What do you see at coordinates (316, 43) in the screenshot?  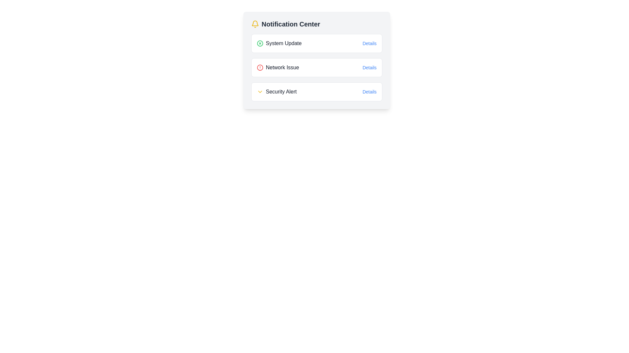 I see `update title from the first notification entry in the notification panel, which features a details link for more information` at bounding box center [316, 43].